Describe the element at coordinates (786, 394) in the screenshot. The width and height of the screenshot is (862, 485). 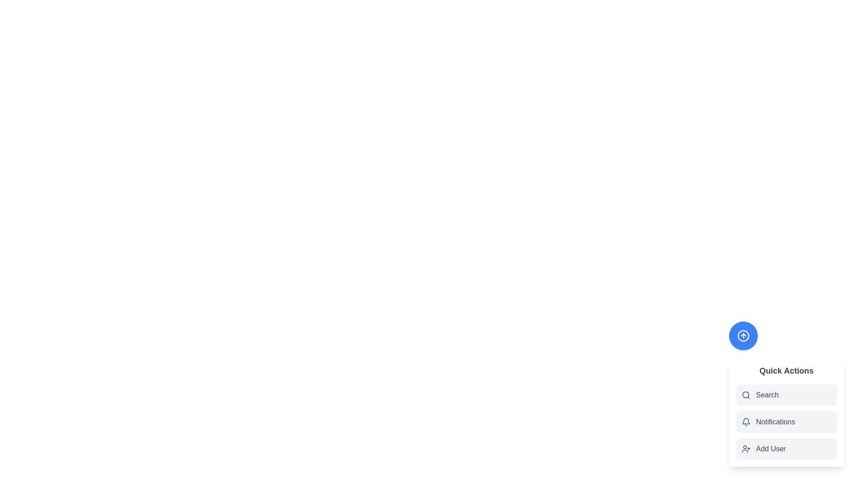
I see `the prominent rectangular 'Search' button with a light gray background and rounded edges located beneath the 'Quick Actions' title` at that location.